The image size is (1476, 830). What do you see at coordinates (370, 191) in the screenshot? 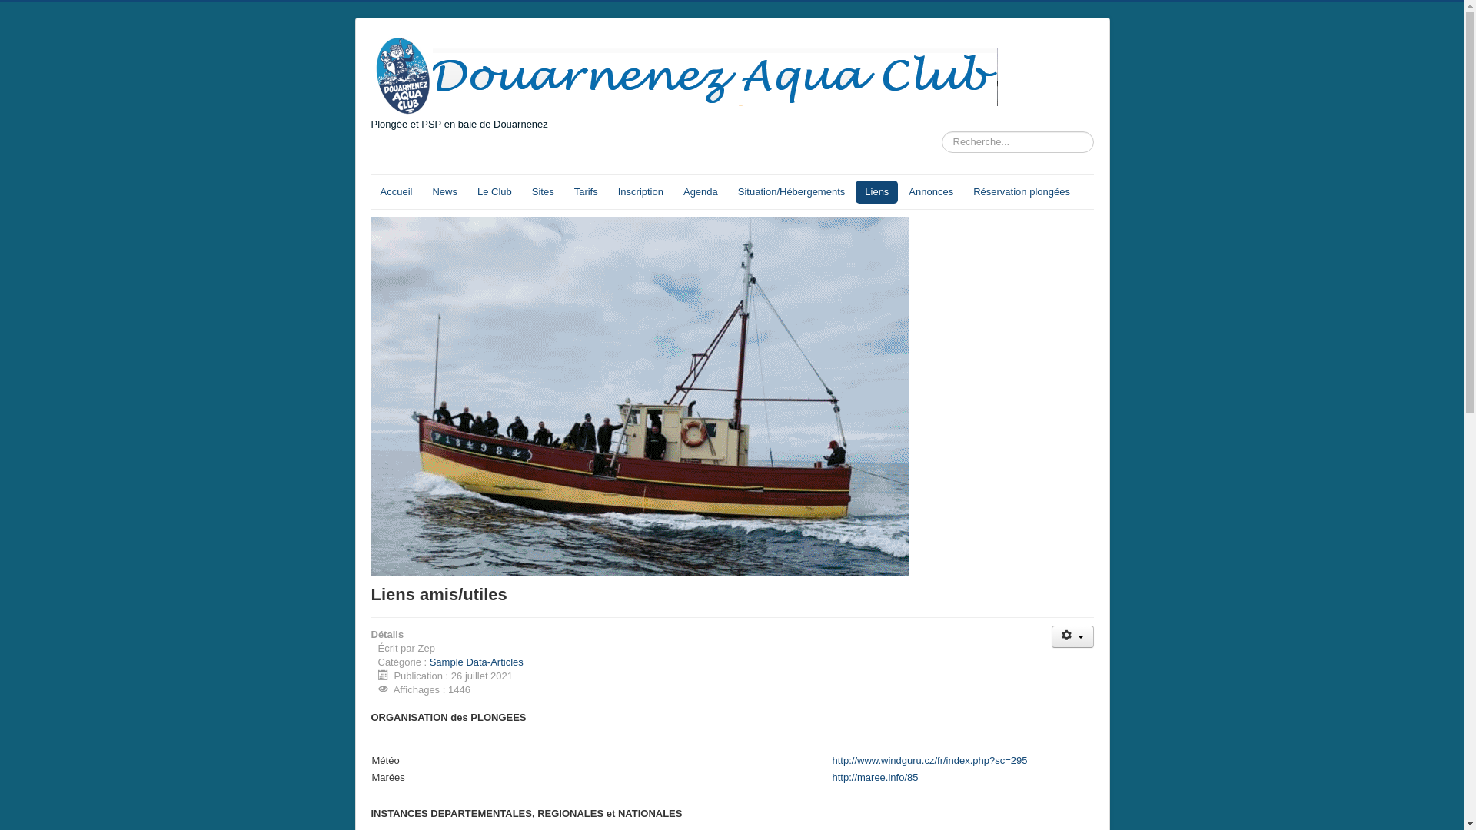
I see `'Accueil'` at bounding box center [370, 191].